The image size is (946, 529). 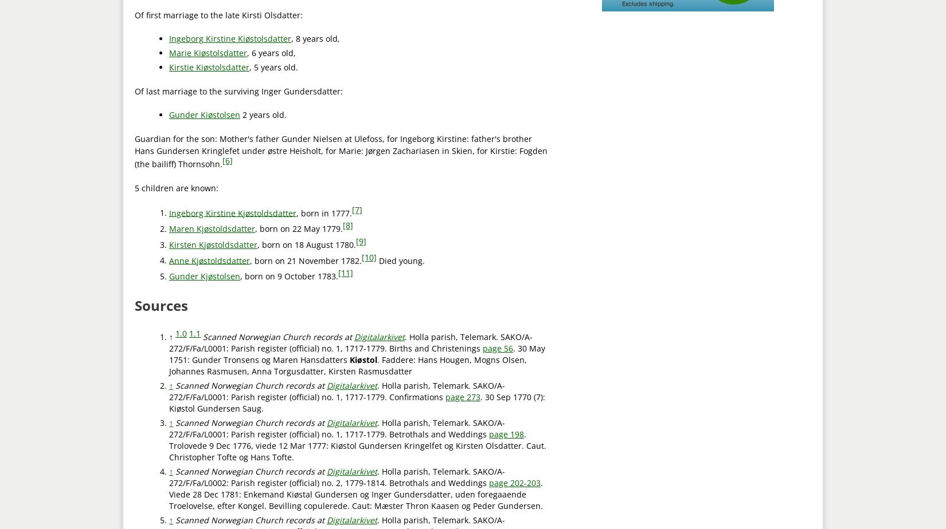 What do you see at coordinates (315, 38) in the screenshot?
I see `', 8 years old,'` at bounding box center [315, 38].